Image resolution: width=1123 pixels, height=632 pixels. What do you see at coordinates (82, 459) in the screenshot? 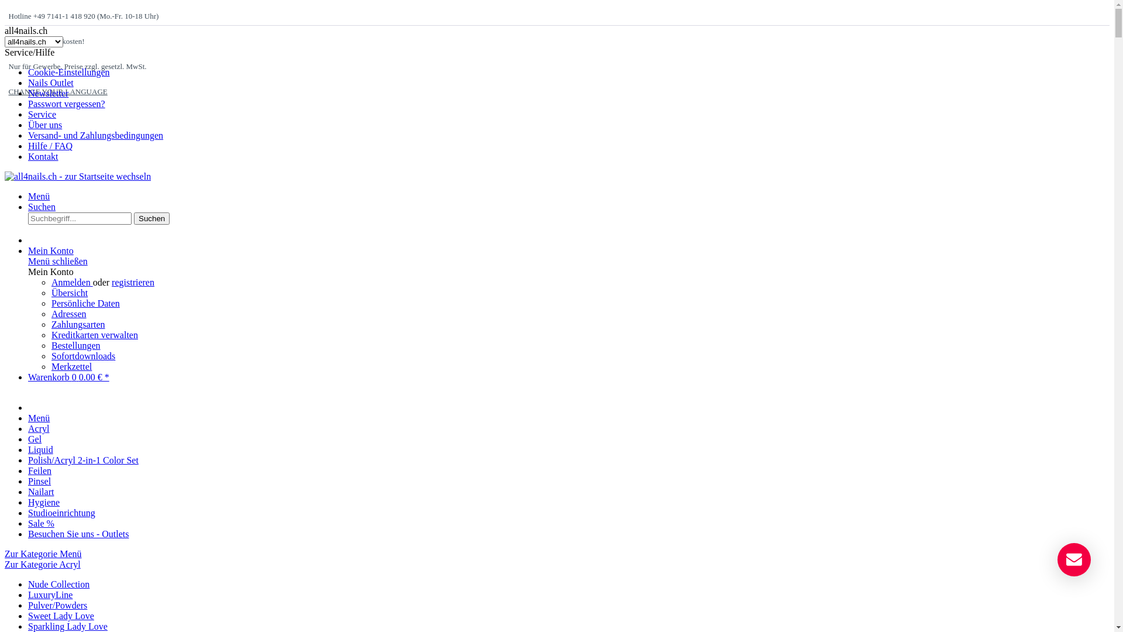
I see `'Polish/Acryl 2-in-1 Color Set'` at bounding box center [82, 459].